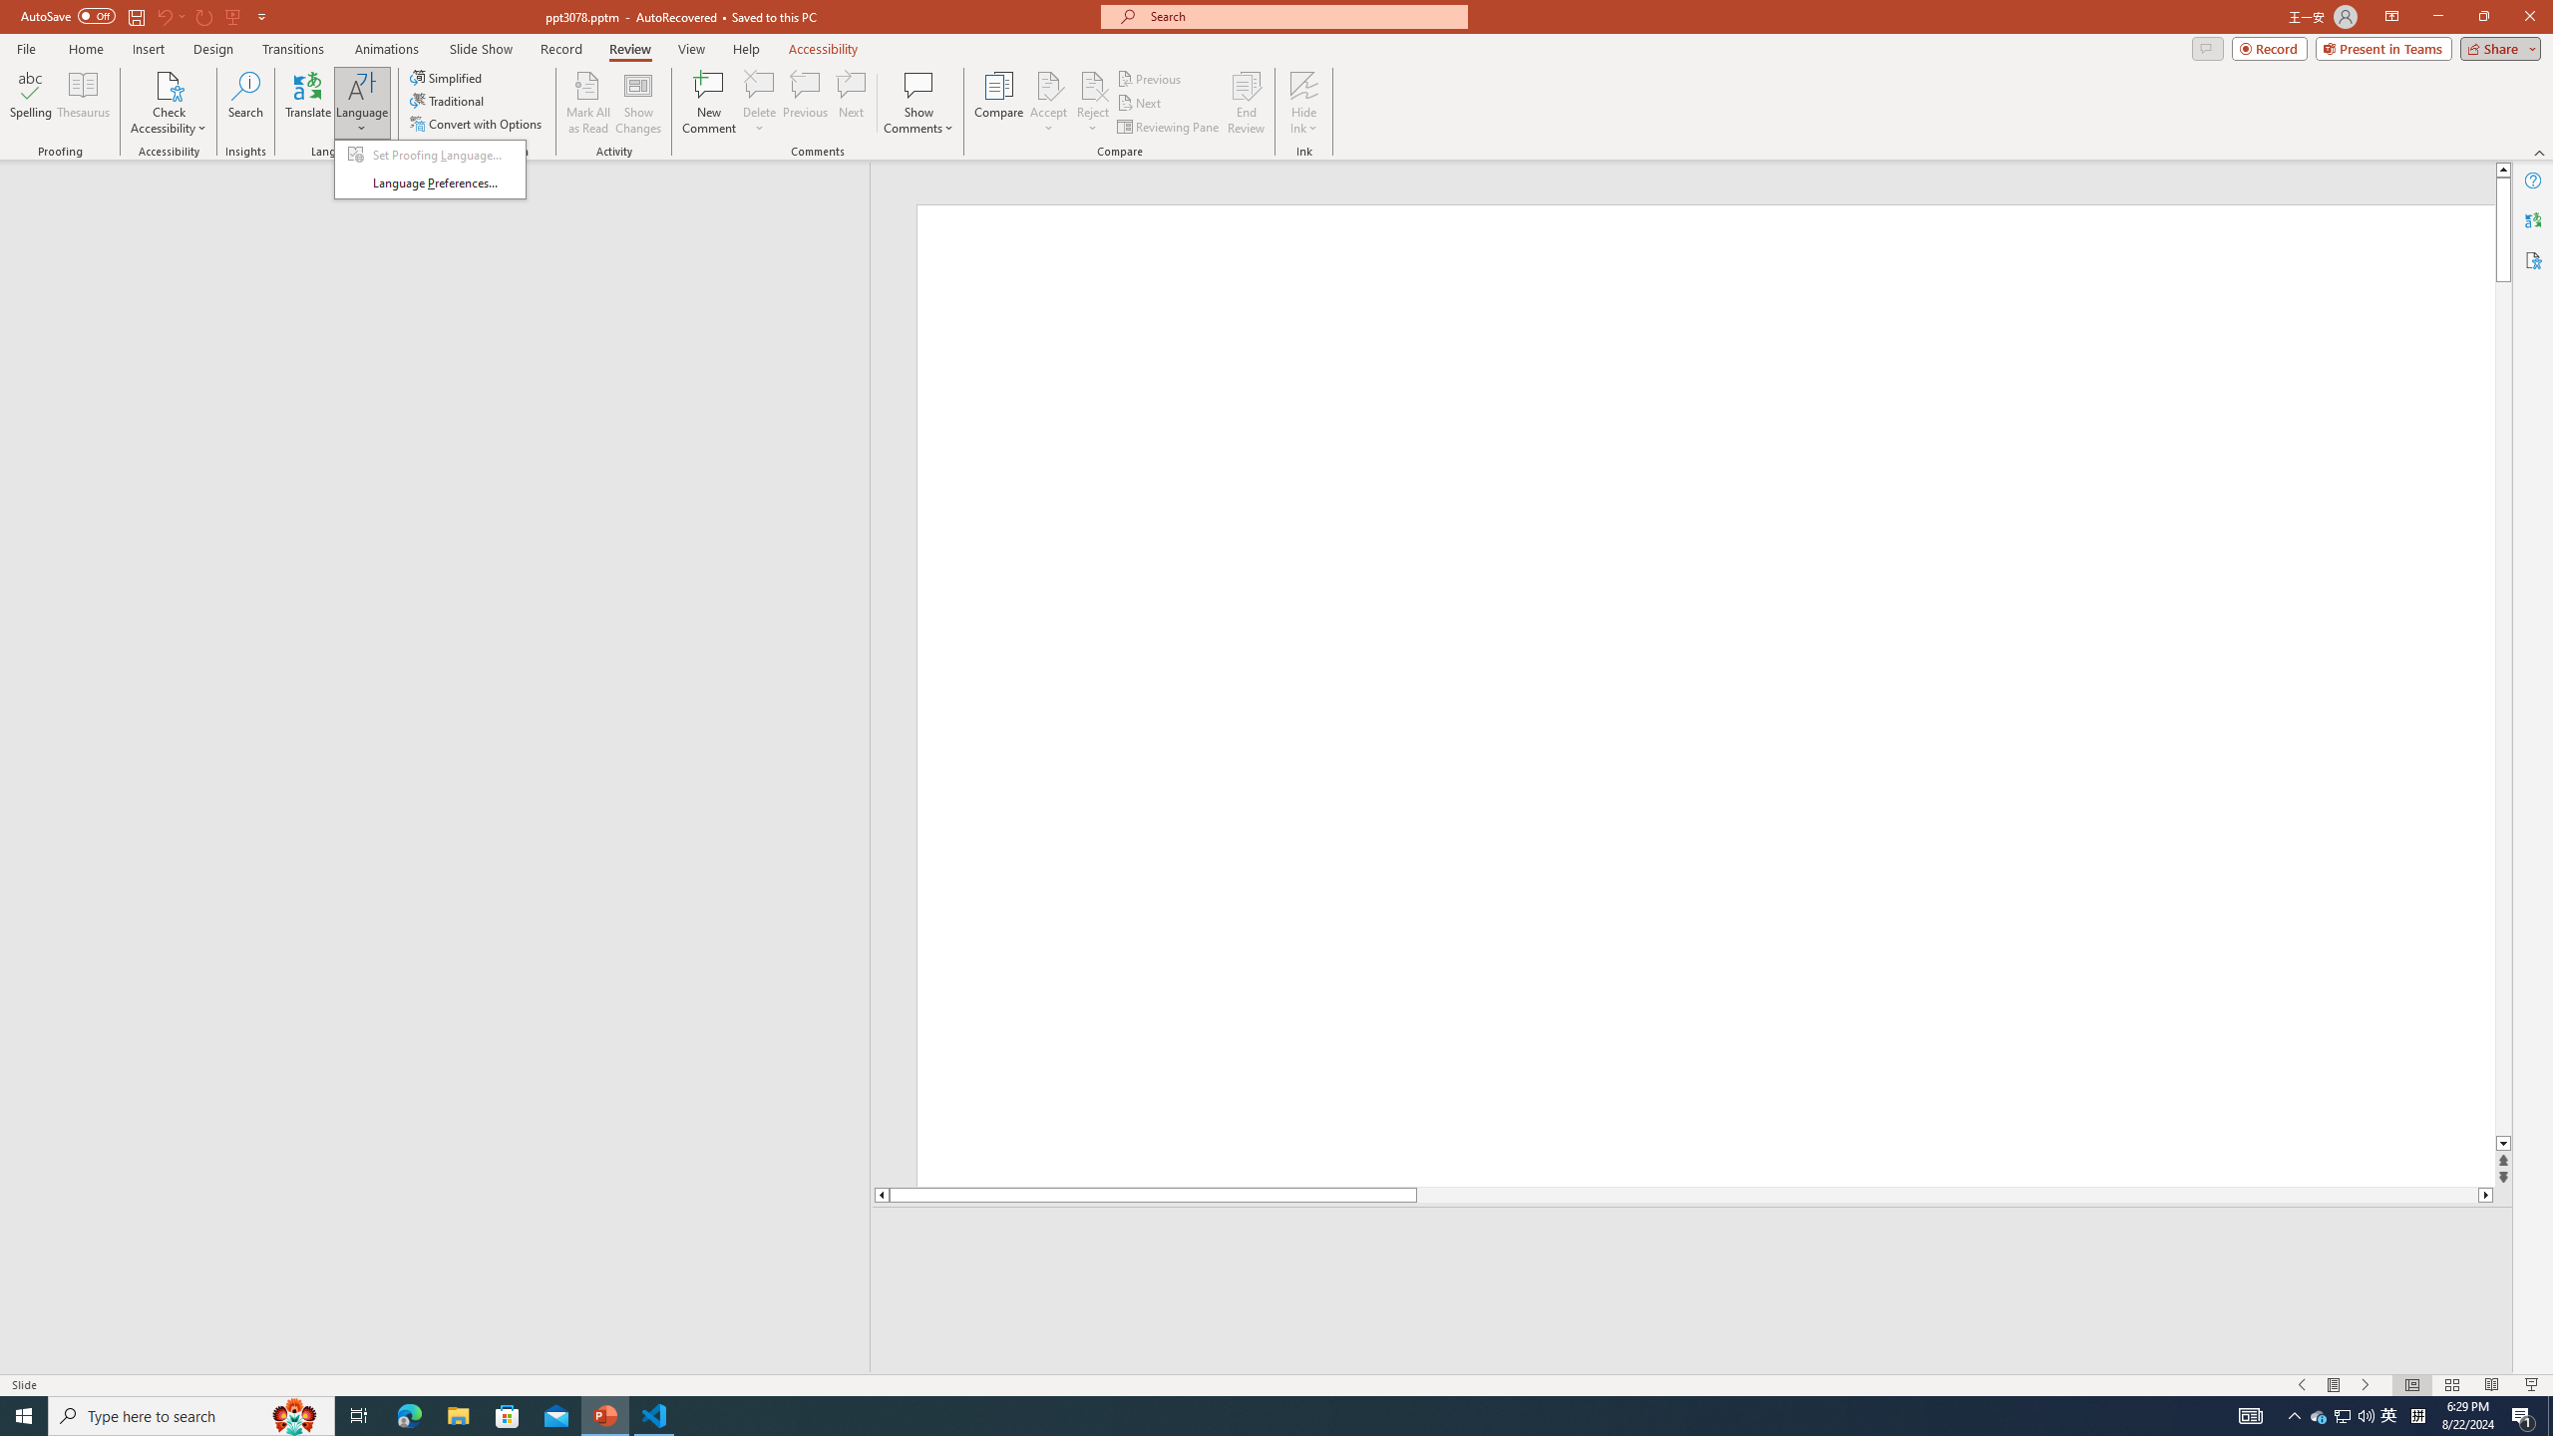 Image resolution: width=2553 pixels, height=1436 pixels. I want to click on 'Tray Input Indicator - Chinese (Simplified, China)', so click(2417, 1414).